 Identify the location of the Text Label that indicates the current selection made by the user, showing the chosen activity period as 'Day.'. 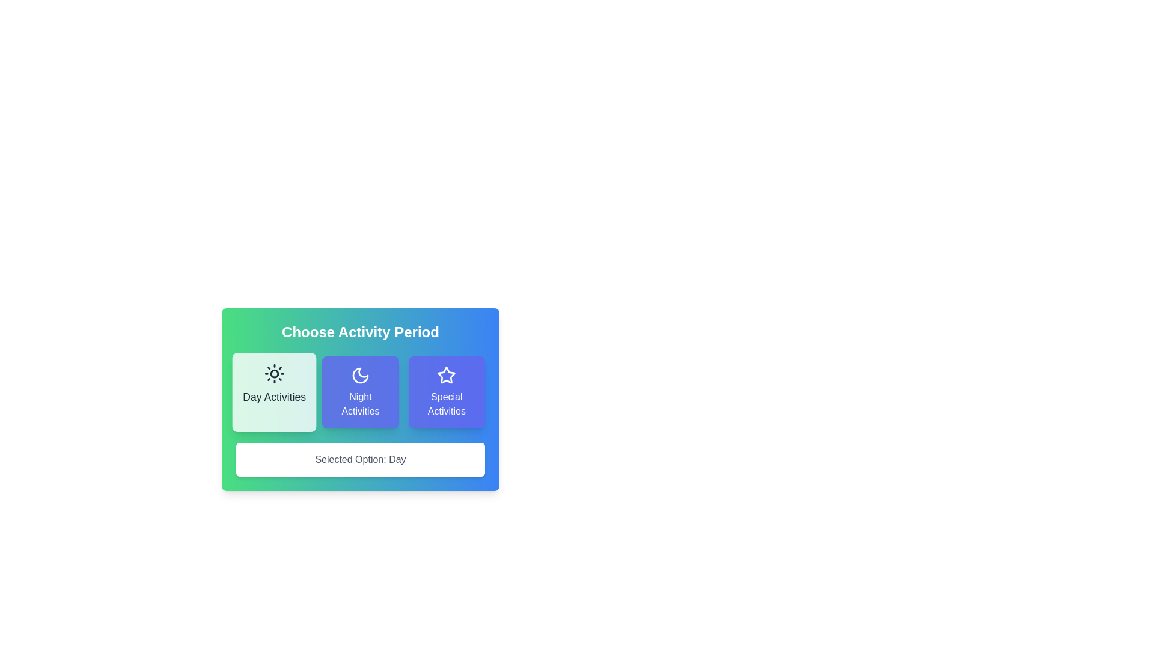
(360, 459).